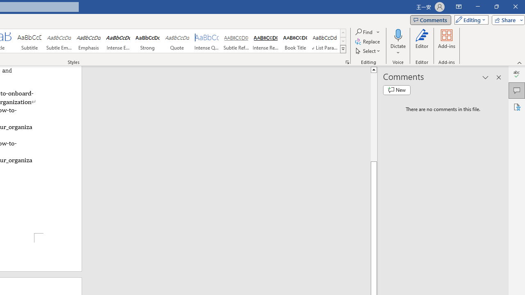 The image size is (525, 295). I want to click on 'New comment', so click(397, 90).